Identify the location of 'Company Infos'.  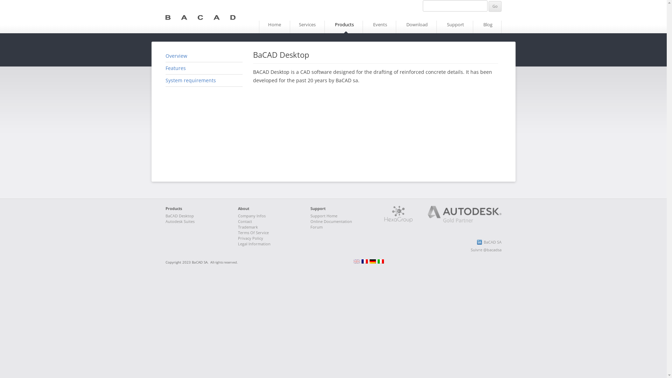
(252, 215).